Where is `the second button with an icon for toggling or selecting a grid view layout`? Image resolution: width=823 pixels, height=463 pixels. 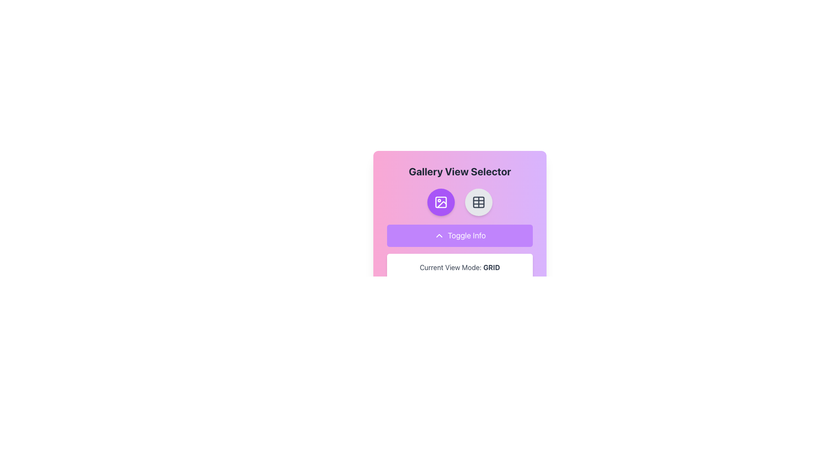
the second button with an icon for toggling or selecting a grid view layout is located at coordinates (478, 202).